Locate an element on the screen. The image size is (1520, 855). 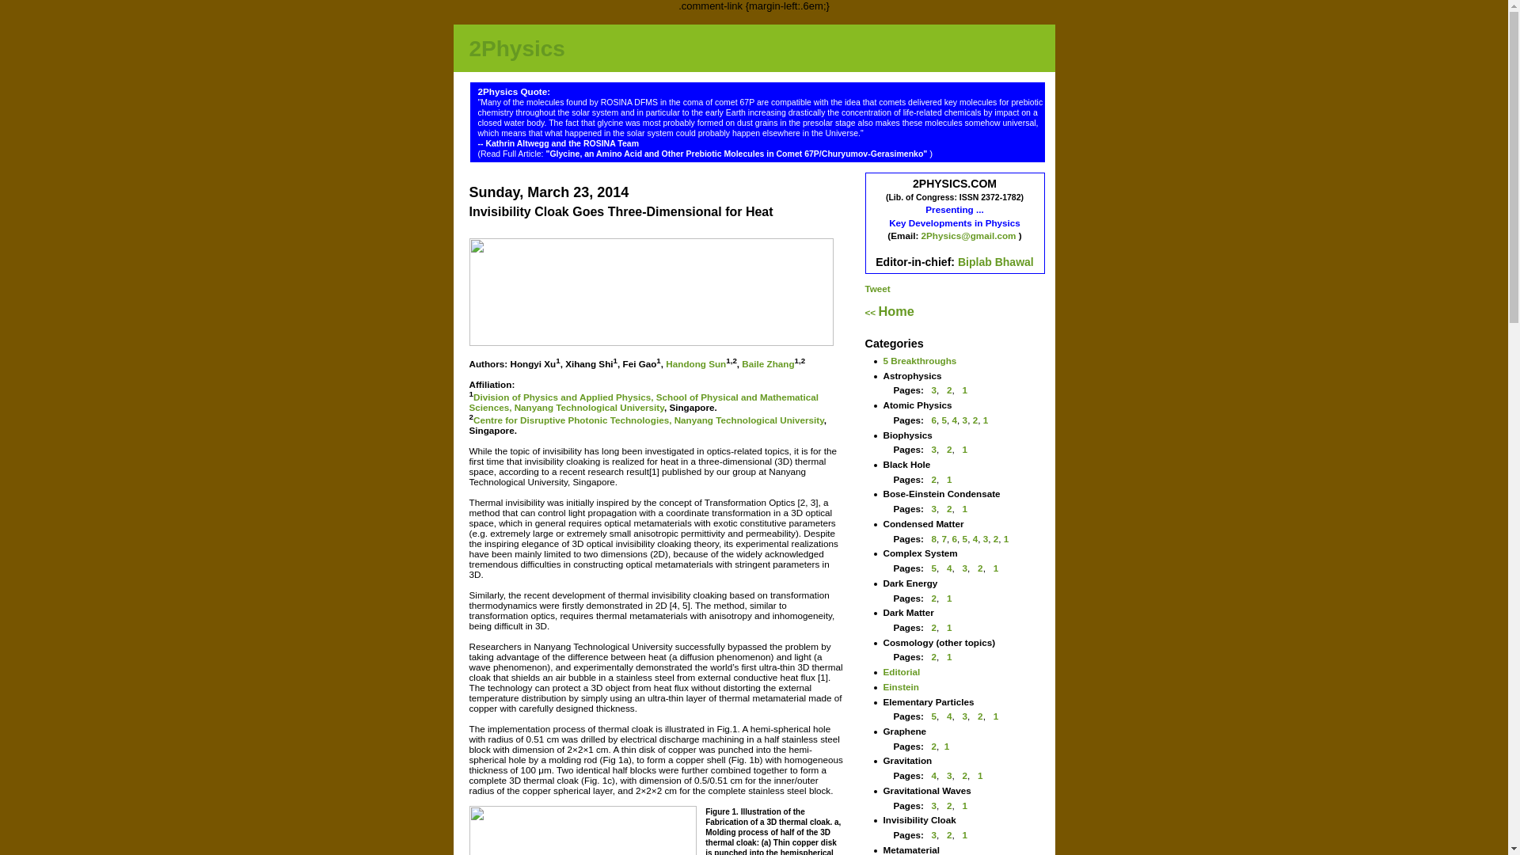
'5' is located at coordinates (934, 716).